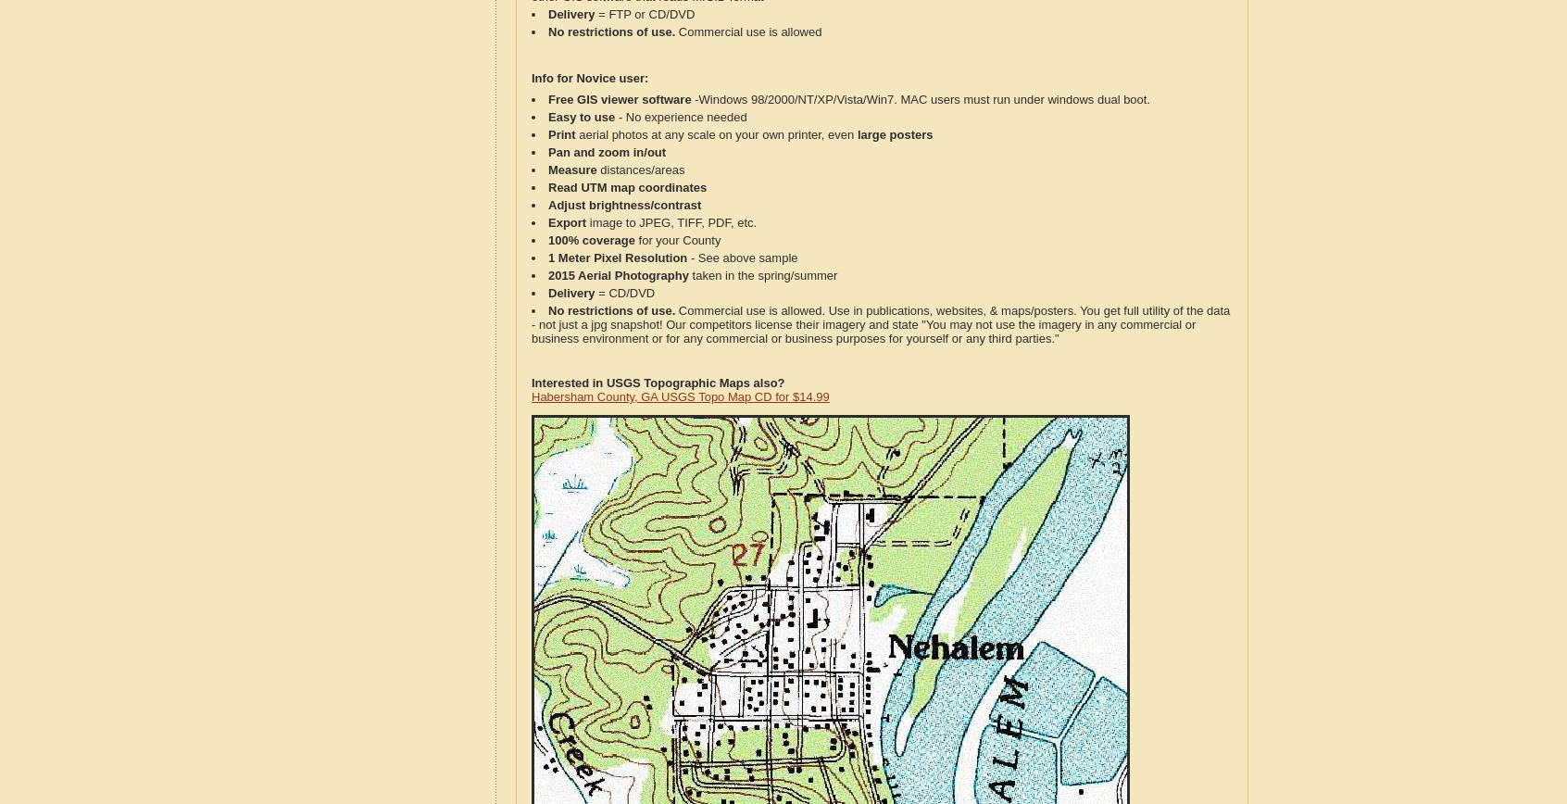 The height and width of the screenshot is (804, 1567). I want to click on 'Adjust brightness/contrast', so click(624, 204).